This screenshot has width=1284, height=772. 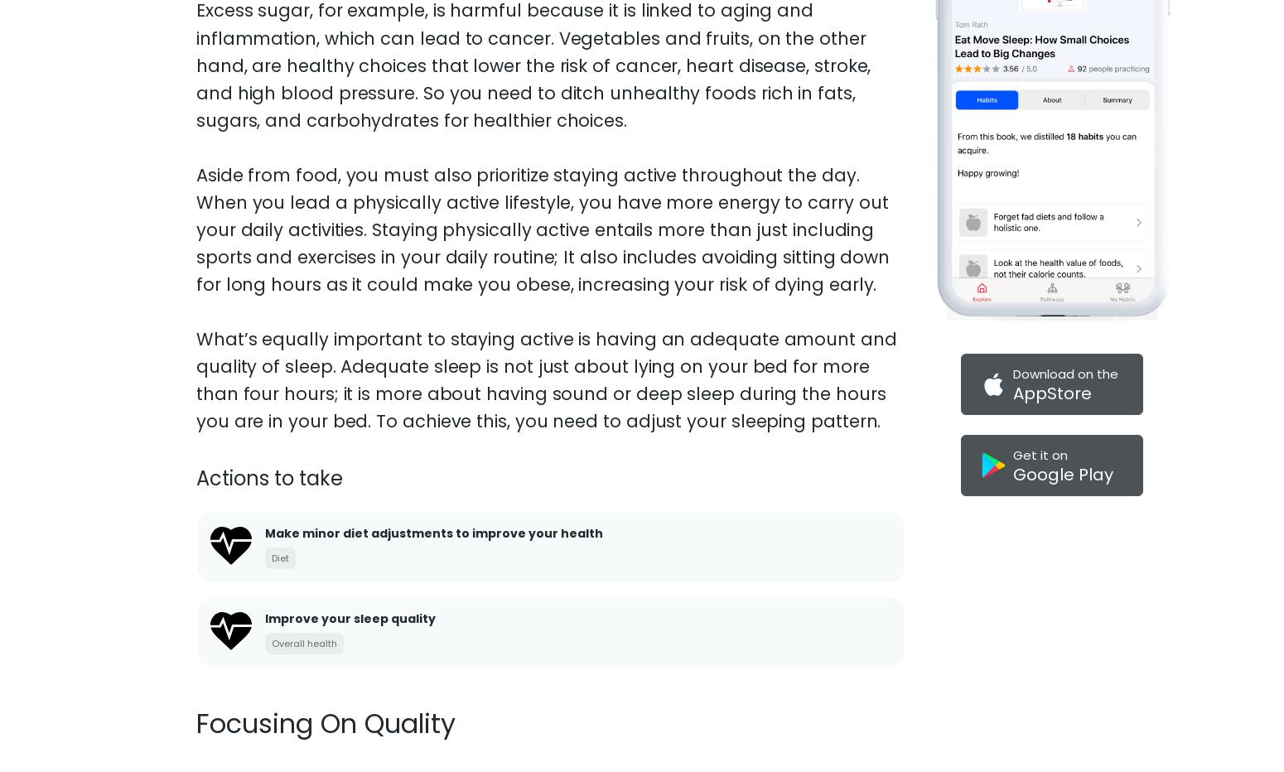 What do you see at coordinates (375, 558) in the screenshot?
I see `'Motivate yourself to exercise daily'` at bounding box center [375, 558].